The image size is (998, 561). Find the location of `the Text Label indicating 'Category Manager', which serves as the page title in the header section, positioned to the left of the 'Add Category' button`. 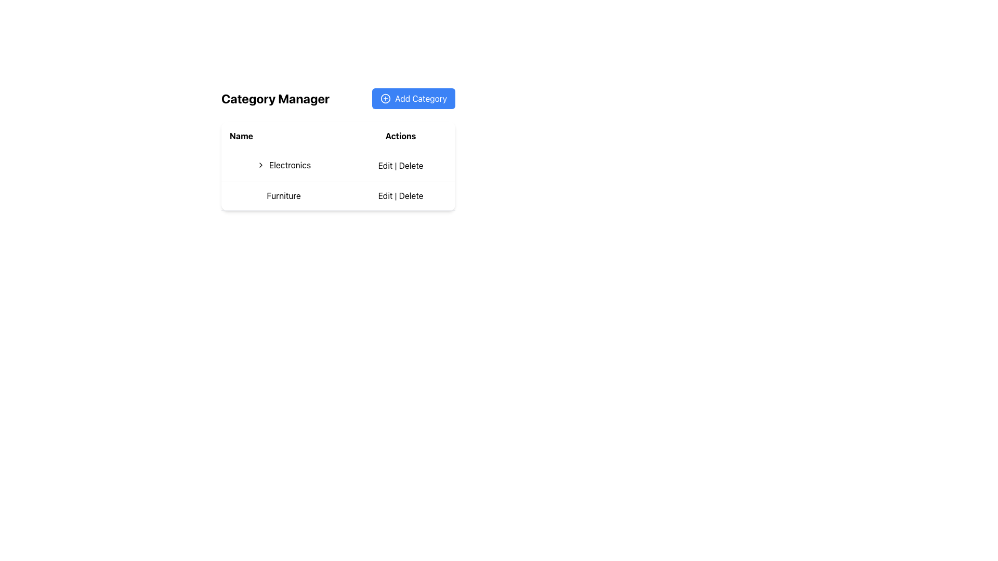

the Text Label indicating 'Category Manager', which serves as the page title in the header section, positioned to the left of the 'Add Category' button is located at coordinates (275, 98).